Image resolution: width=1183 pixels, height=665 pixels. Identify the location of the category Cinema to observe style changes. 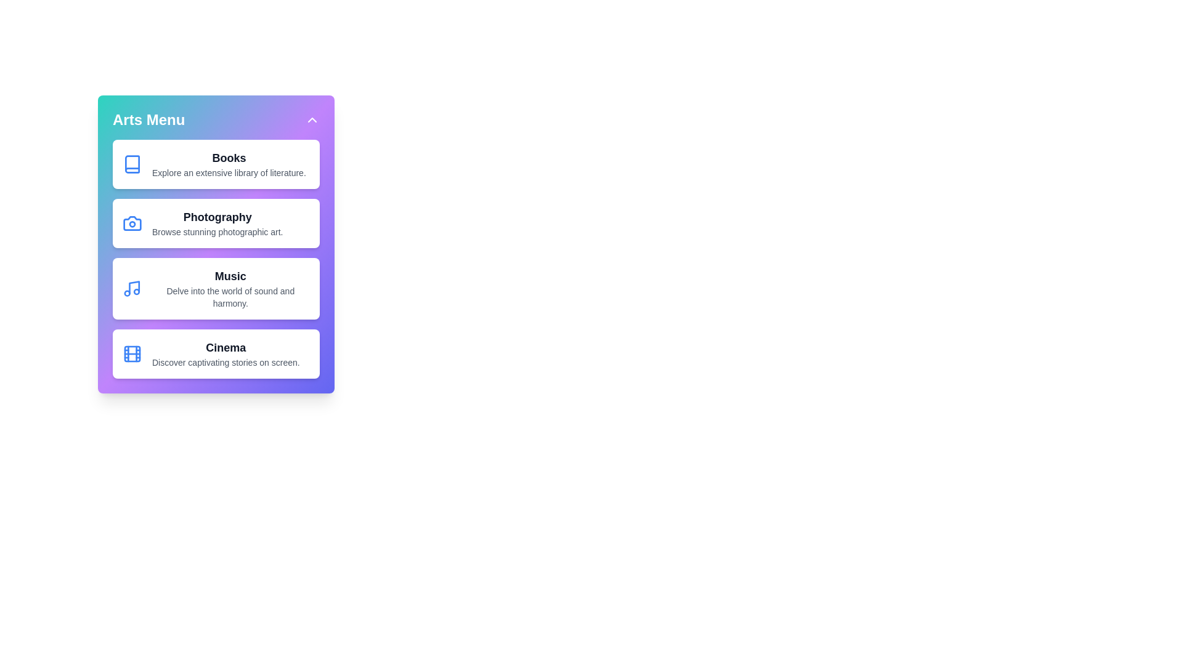
(216, 353).